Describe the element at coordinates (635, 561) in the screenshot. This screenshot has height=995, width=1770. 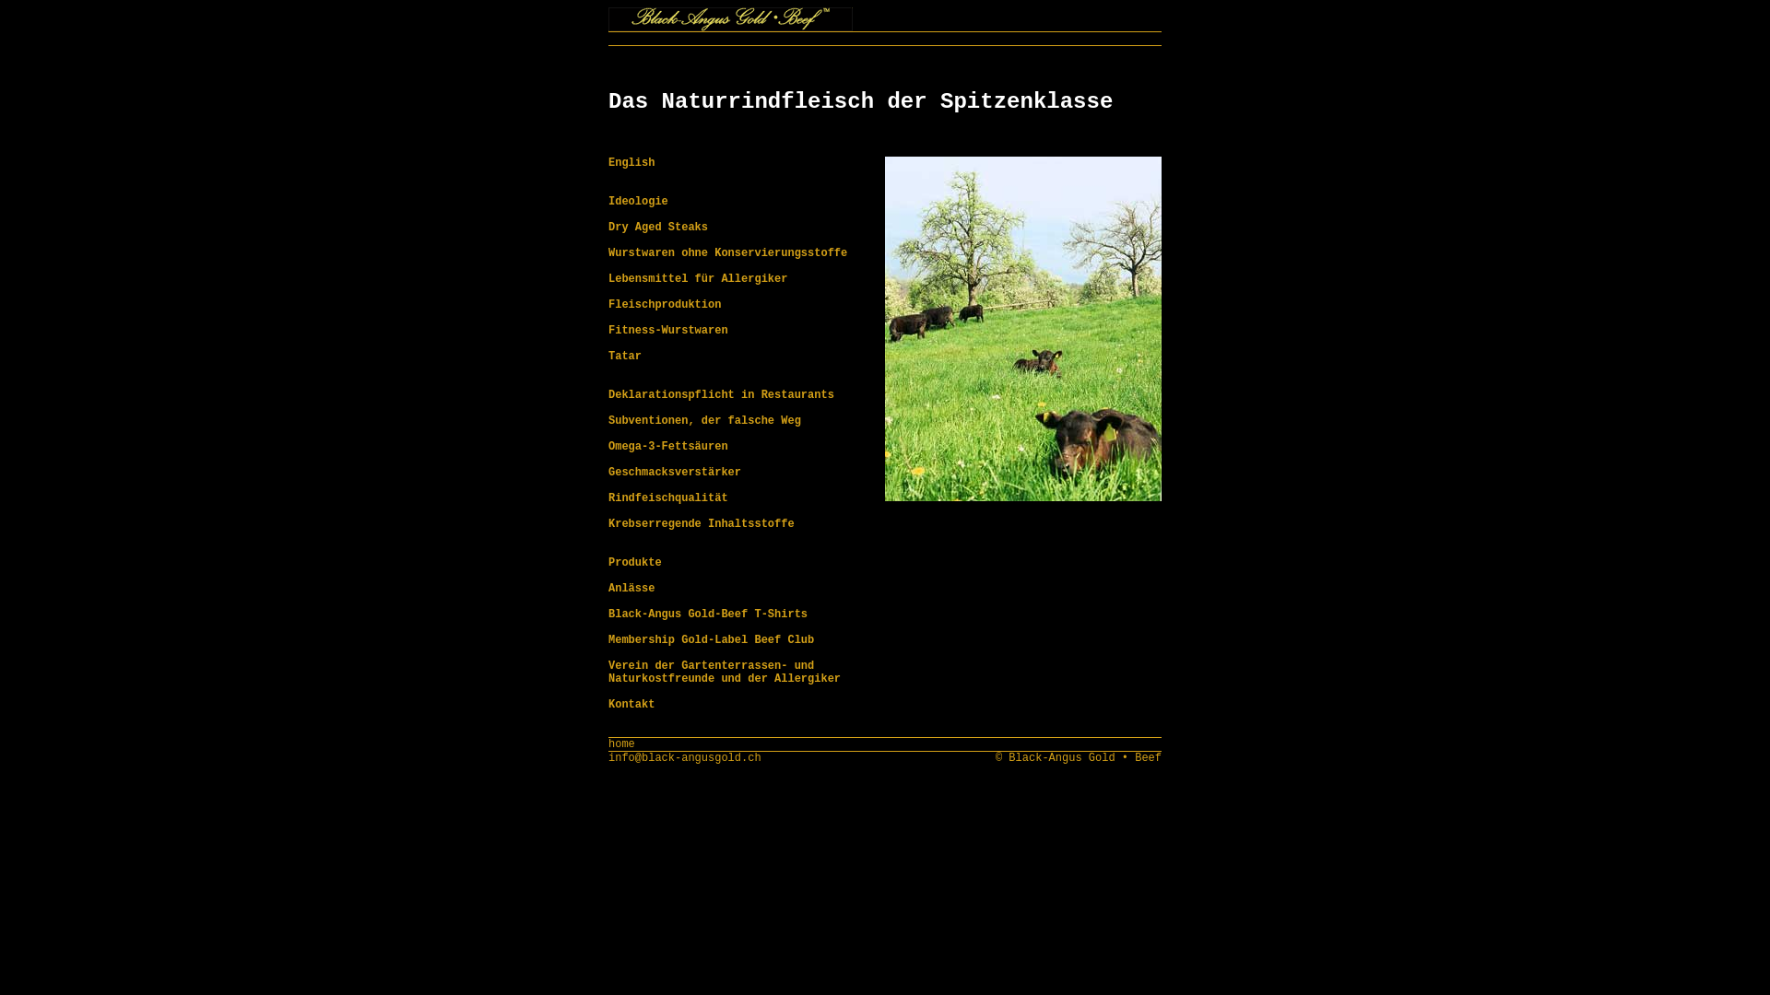
I see `'Produkte'` at that location.